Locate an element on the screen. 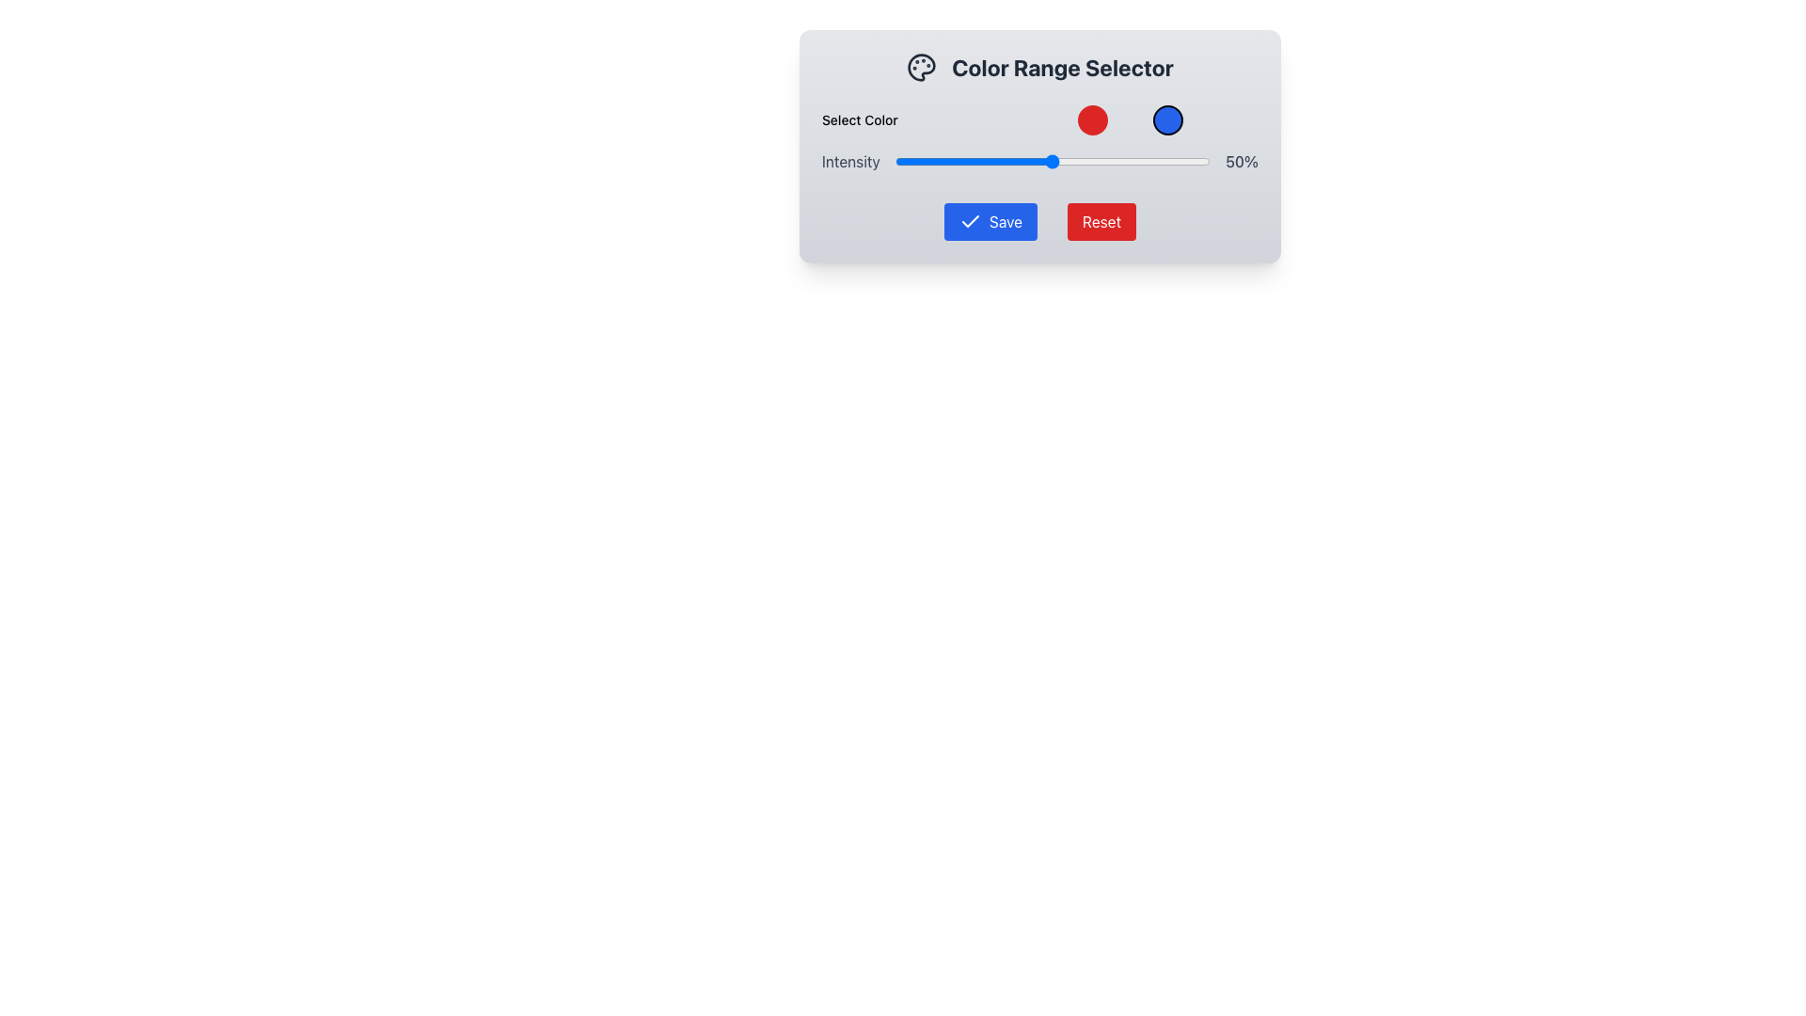  'Color Range Selector' icon located to the left of the title text in the header area of the modal dialog for accessibility purposes is located at coordinates (922, 67).